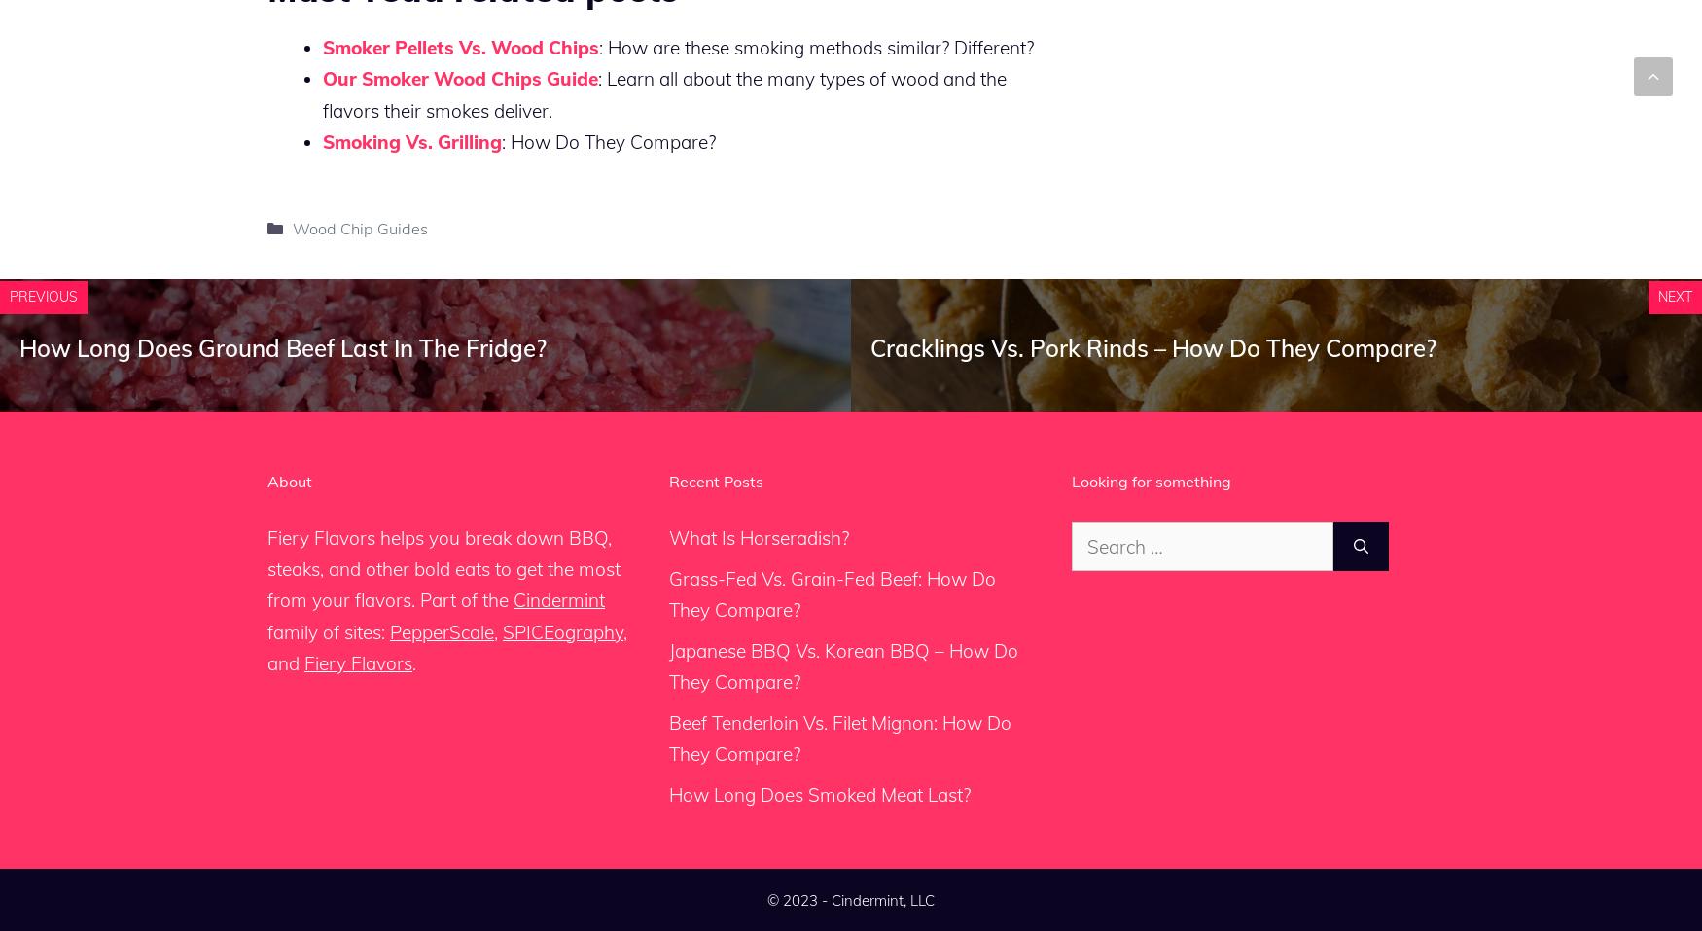 Image resolution: width=1702 pixels, height=931 pixels. What do you see at coordinates (667, 665) in the screenshot?
I see `'Japanese BBQ Vs. Korean BBQ – How Do They Compare?'` at bounding box center [667, 665].